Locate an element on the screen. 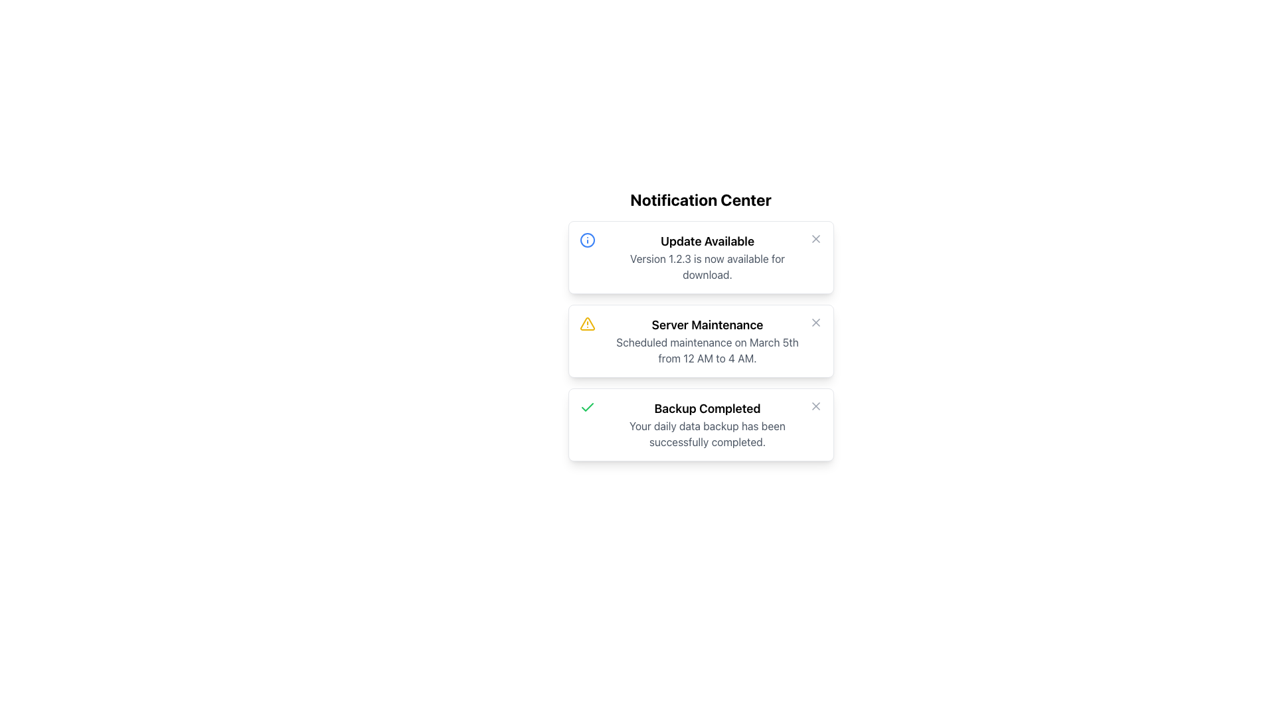 The width and height of the screenshot is (1275, 717). the small gray 'X' close button located at the top-right corner of the 'Update Available' notification card to observe the style change is located at coordinates (815, 238).